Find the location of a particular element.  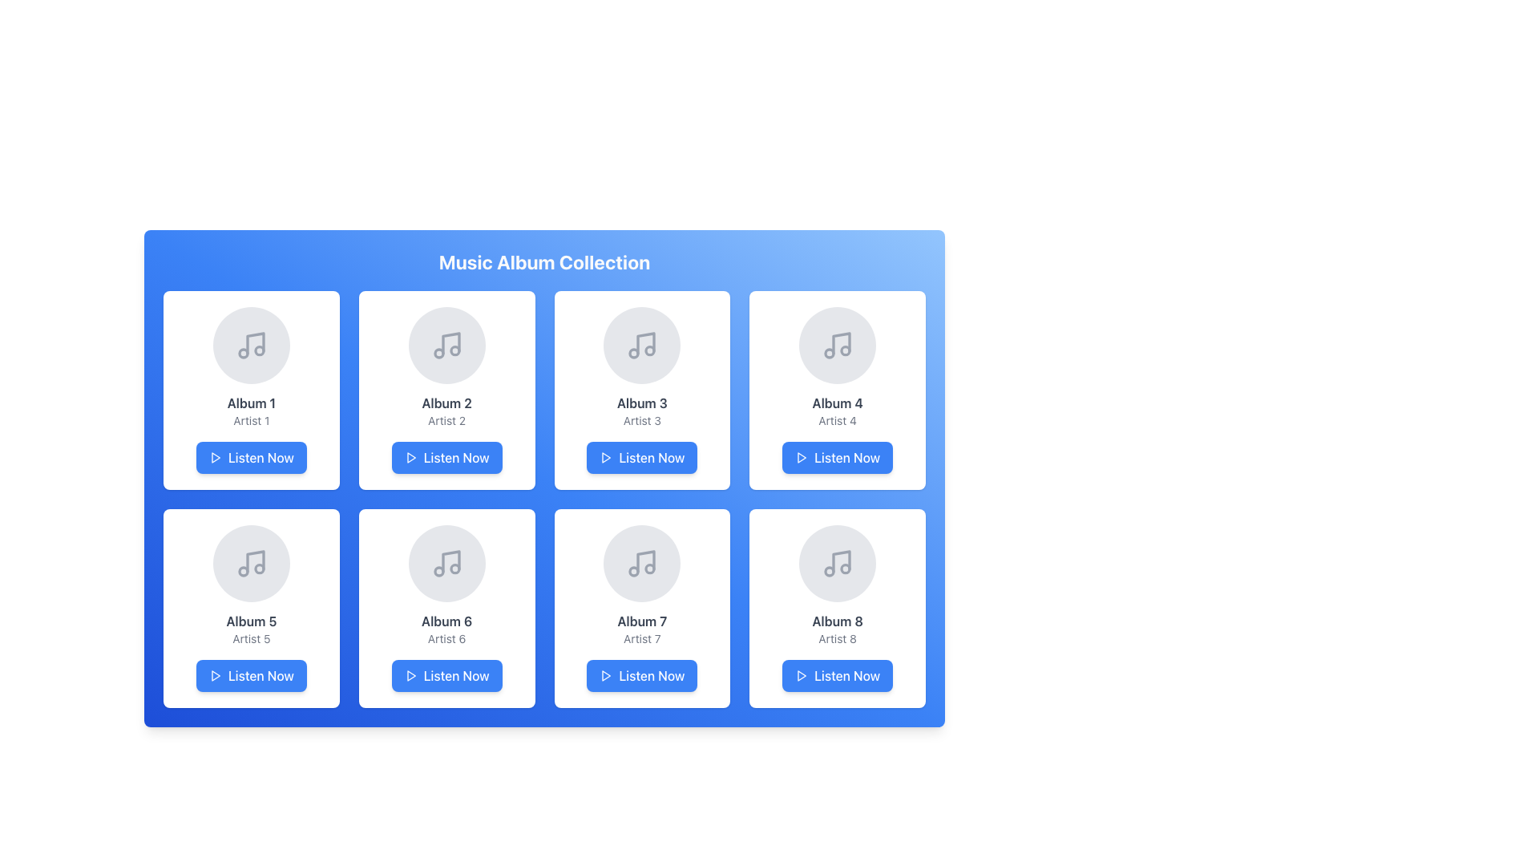

the Text Label displaying the name of the artist associated with the album in the first card, located below 'Album 1' and above the 'Listen Now' button is located at coordinates (250, 419).